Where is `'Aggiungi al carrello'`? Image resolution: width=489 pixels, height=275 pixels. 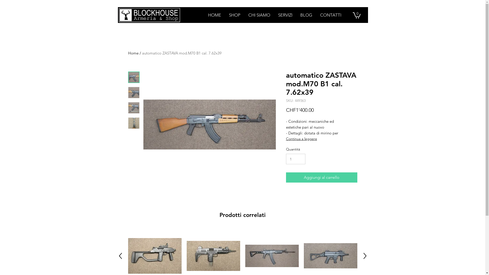
'Aggiungi al carrello' is located at coordinates (321, 177).